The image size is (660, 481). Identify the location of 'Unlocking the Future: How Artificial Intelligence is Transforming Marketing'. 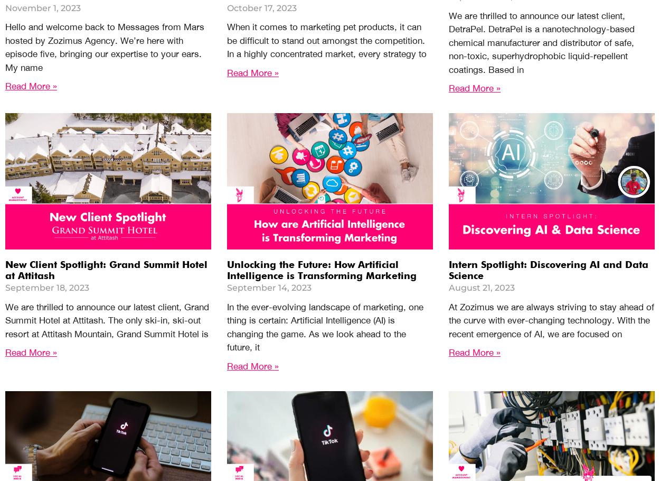
(321, 270).